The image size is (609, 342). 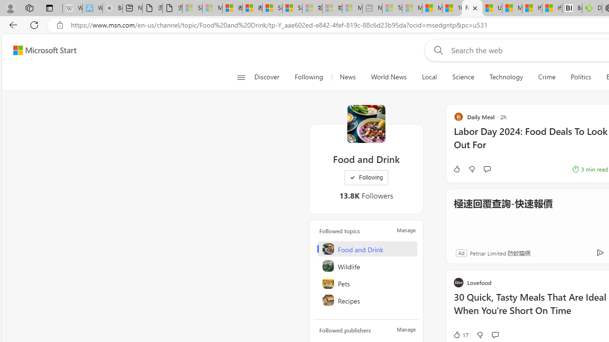 I want to click on 'New tab - Sleeping', so click(x=372, y=8).